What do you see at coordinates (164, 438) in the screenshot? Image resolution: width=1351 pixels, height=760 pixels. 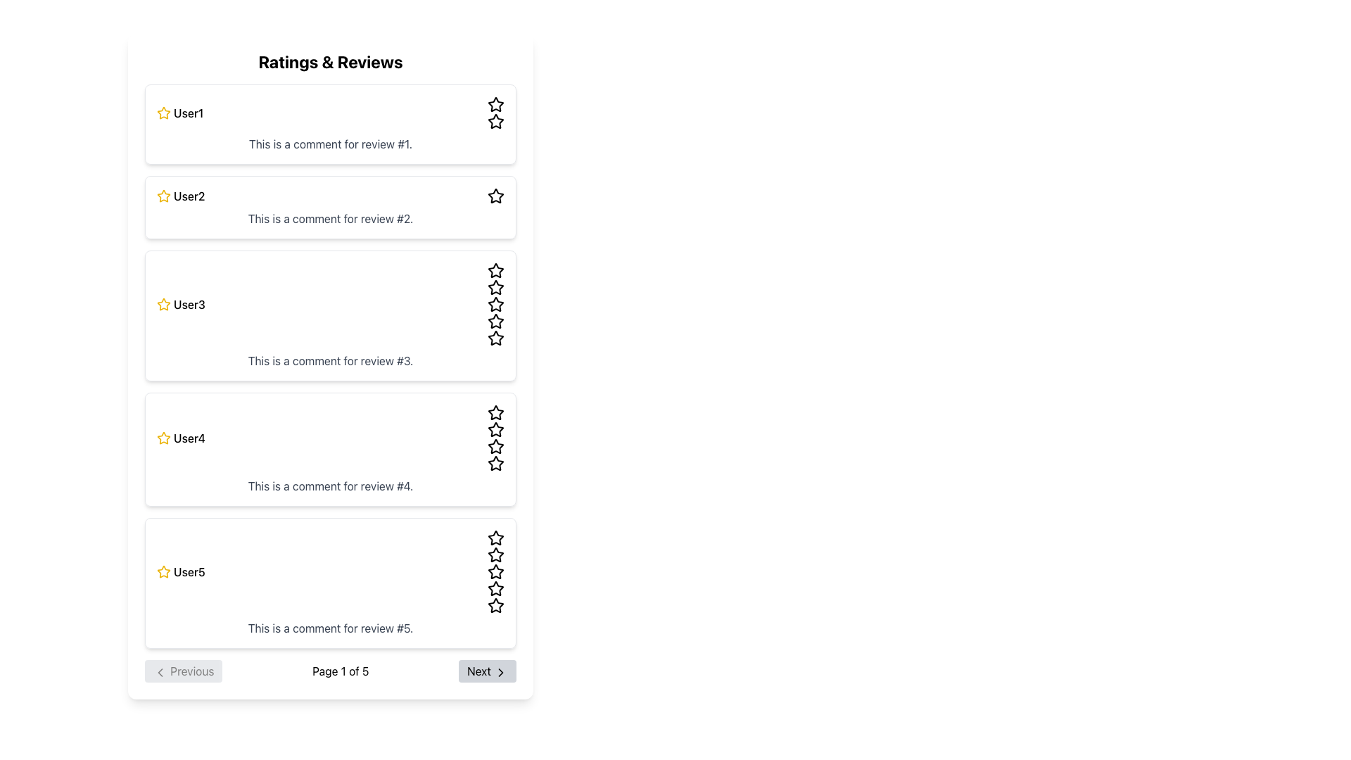 I see `the yellow star icon with a hollow center and golden color located next to the label 'User4' in the fourth user review section` at bounding box center [164, 438].